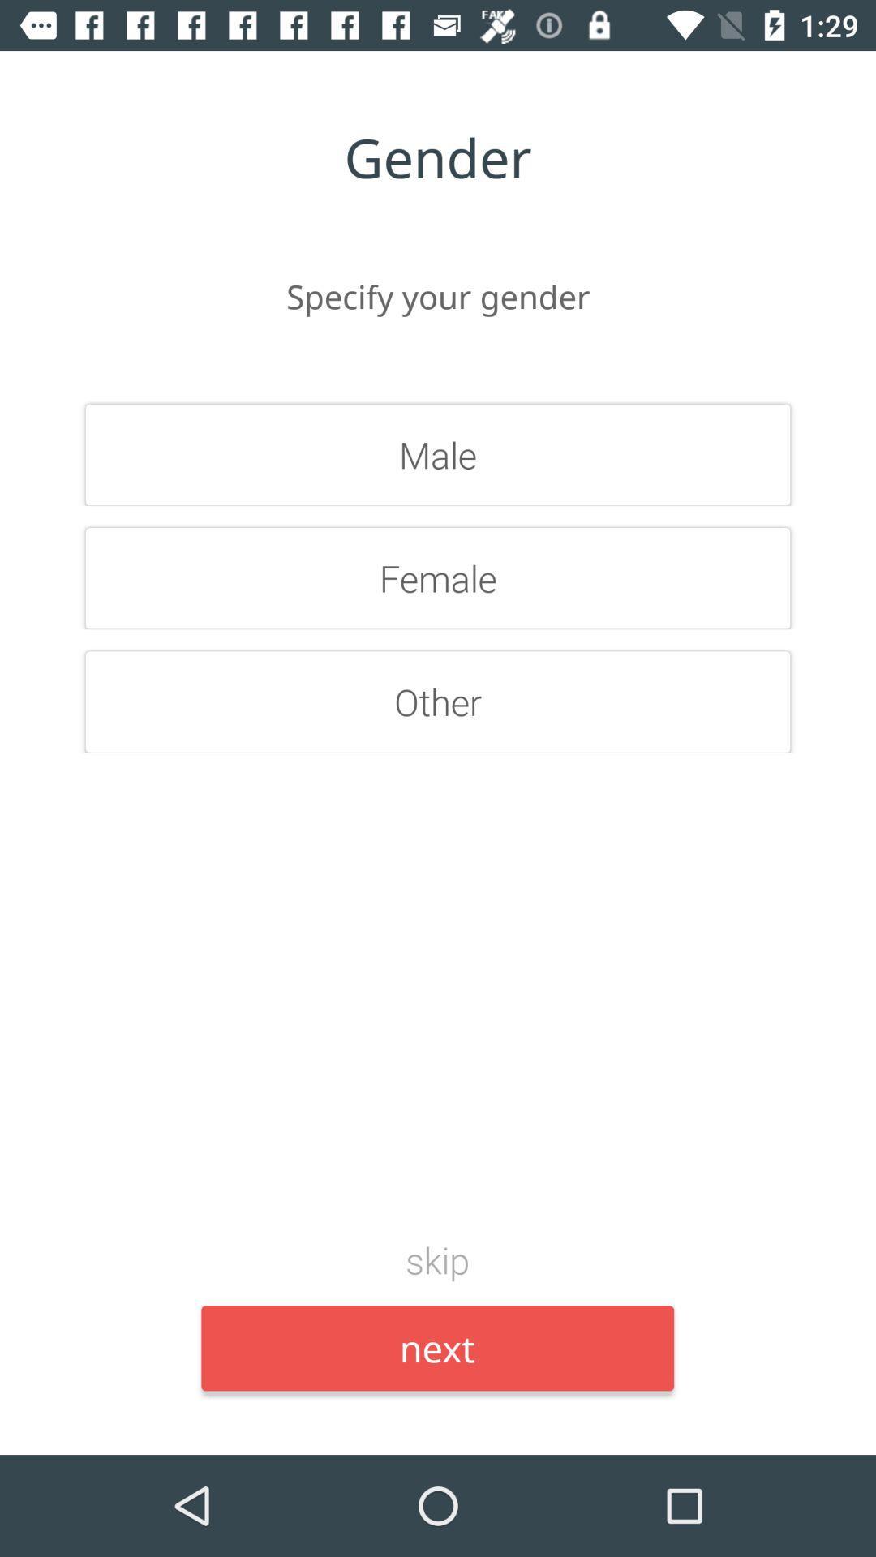  What do you see at coordinates (436, 1348) in the screenshot?
I see `next icon` at bounding box center [436, 1348].